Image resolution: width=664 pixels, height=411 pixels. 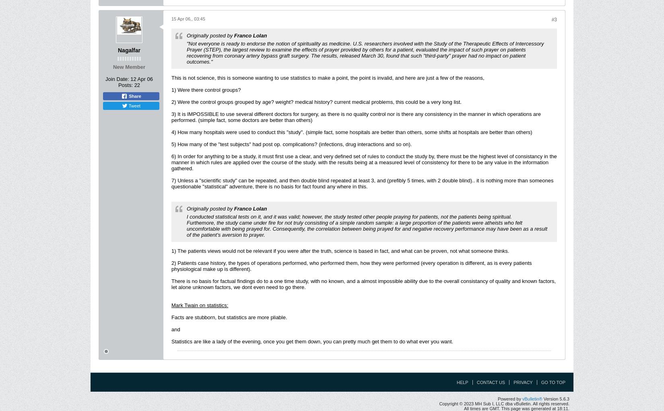 What do you see at coordinates (340, 250) in the screenshot?
I see `'1) The patients views would not be relevant if you were after the truth, science is based in fact, and what can be proven, not what someone thinks.'` at bounding box center [340, 250].